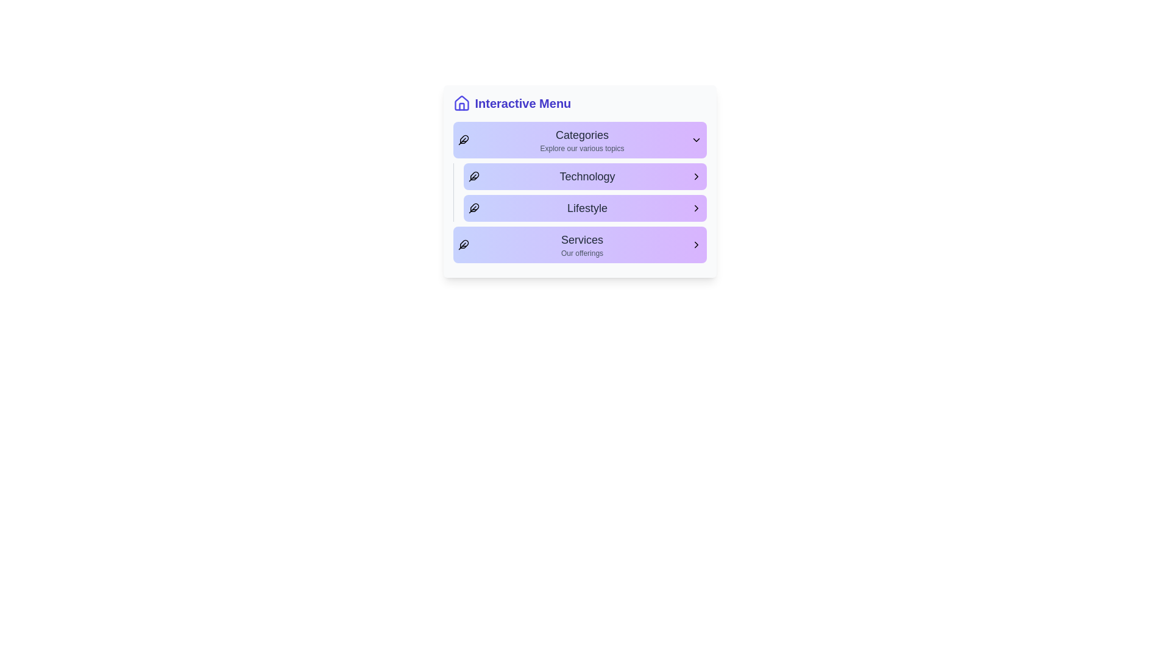 This screenshot has height=658, width=1170. Describe the element at coordinates (696, 208) in the screenshot. I see `the Chevron/Right Arrow icon located on the right side of the 'Lifestyle' menu option` at that location.